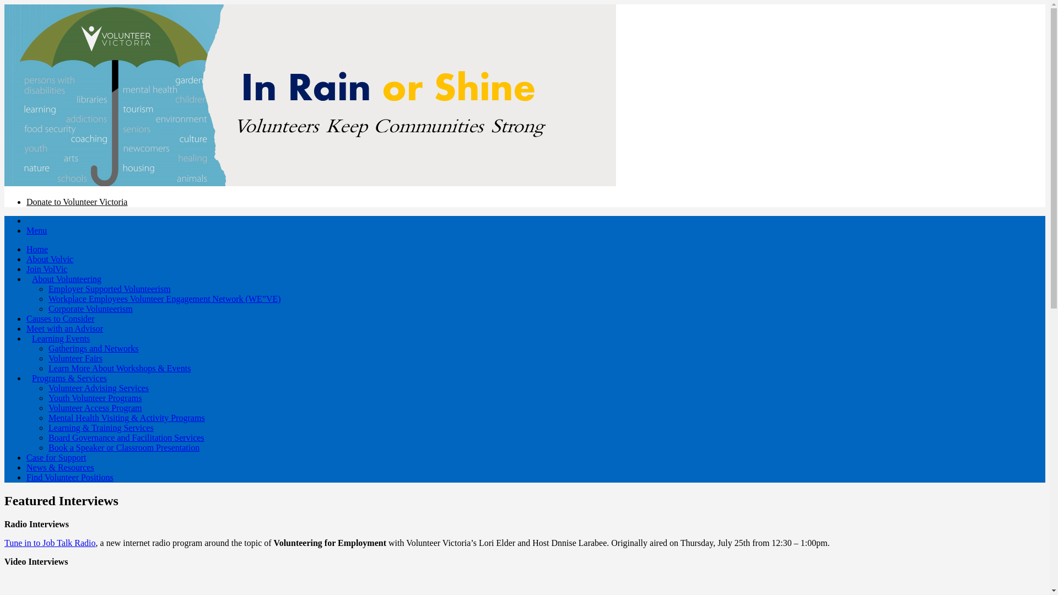 This screenshot has width=1058, height=595. What do you see at coordinates (60, 467) in the screenshot?
I see `'News & Resources'` at bounding box center [60, 467].